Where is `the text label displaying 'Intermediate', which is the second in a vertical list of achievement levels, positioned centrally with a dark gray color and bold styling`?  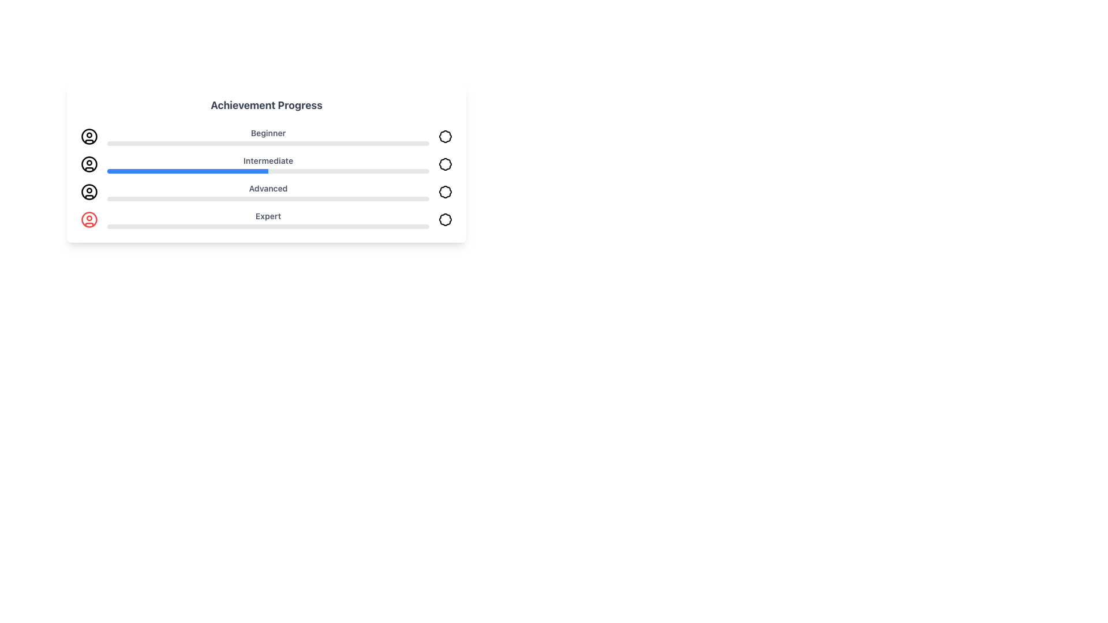
the text label displaying 'Intermediate', which is the second in a vertical list of achievement levels, positioned centrally with a dark gray color and bold styling is located at coordinates (268, 160).